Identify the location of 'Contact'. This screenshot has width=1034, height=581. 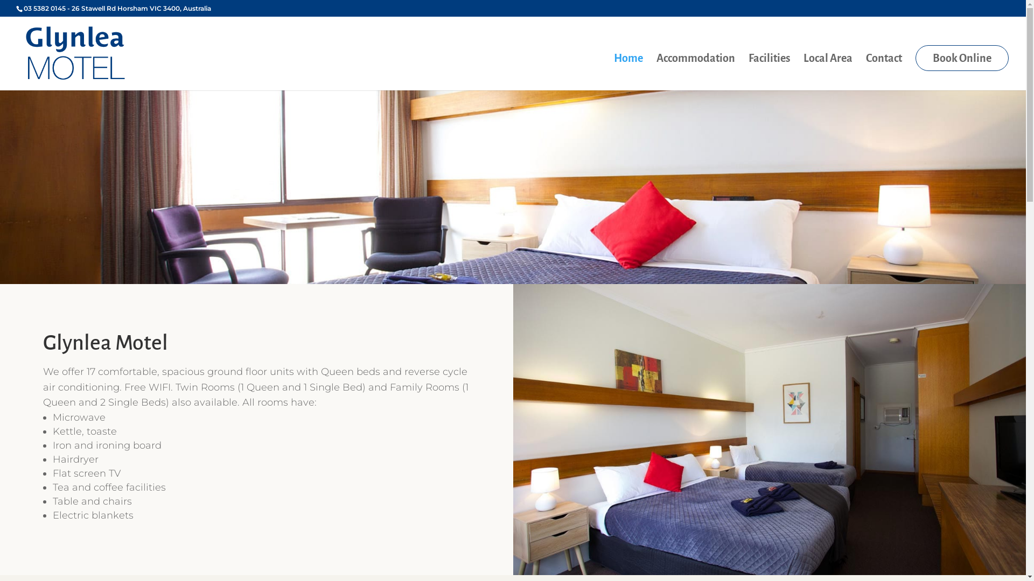
(866, 72).